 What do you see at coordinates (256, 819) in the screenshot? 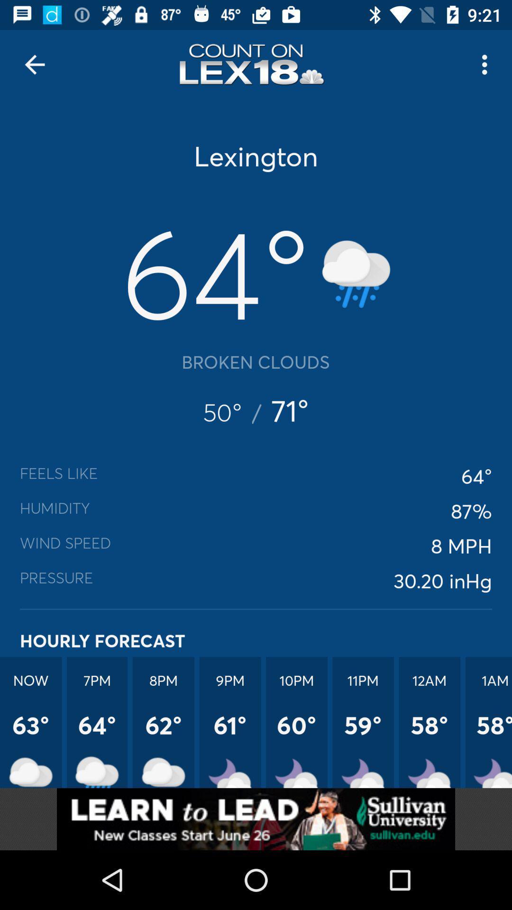
I see `advertisement` at bounding box center [256, 819].